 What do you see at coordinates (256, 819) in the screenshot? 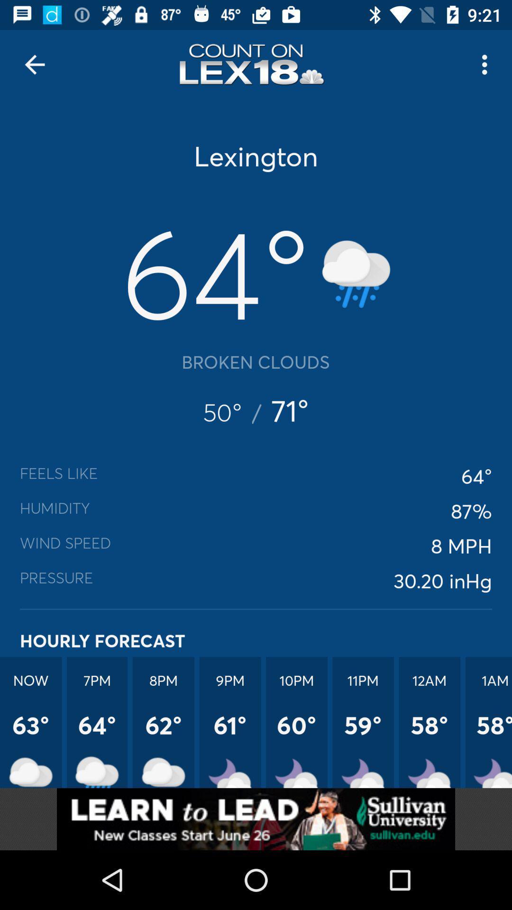
I see `advertisement` at bounding box center [256, 819].